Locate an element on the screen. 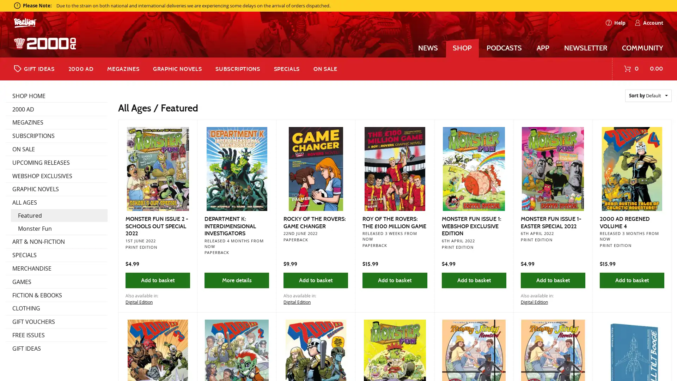 Image resolution: width=677 pixels, height=381 pixels. Add to basket is located at coordinates (157, 280).